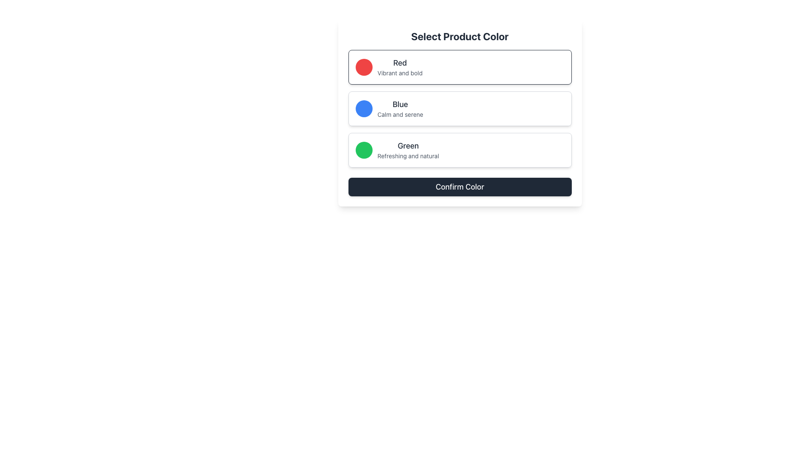 The width and height of the screenshot is (812, 457). I want to click on the text label styled in bold, larger font that displays the word 'Green', located centrally within the green-colored selection box, which is the third item in a list of color options, so click(408, 145).